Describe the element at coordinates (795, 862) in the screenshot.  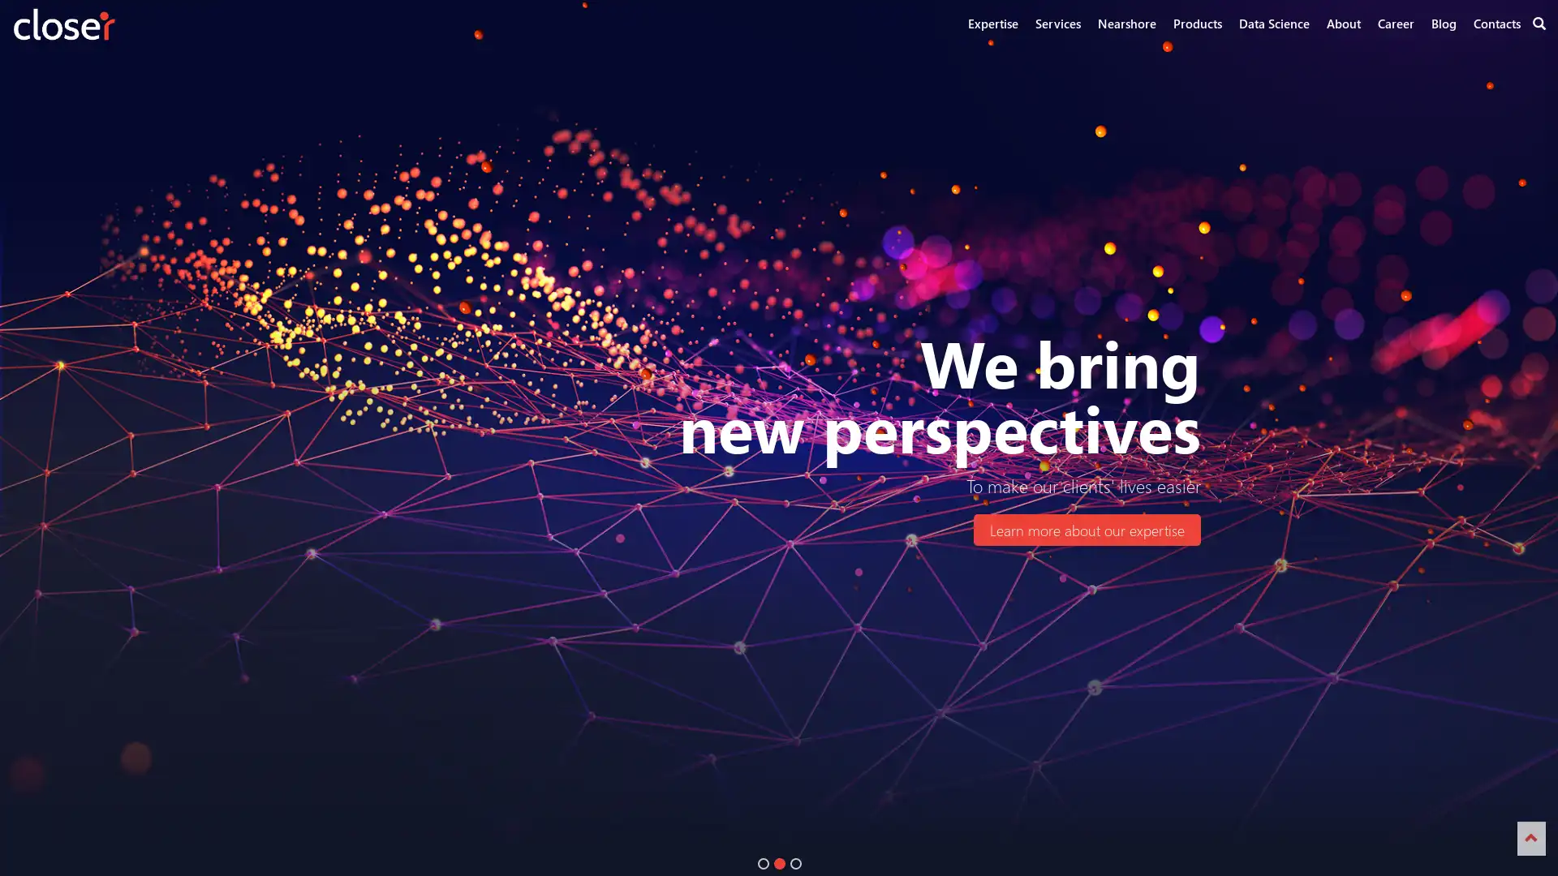
I see `3` at that location.